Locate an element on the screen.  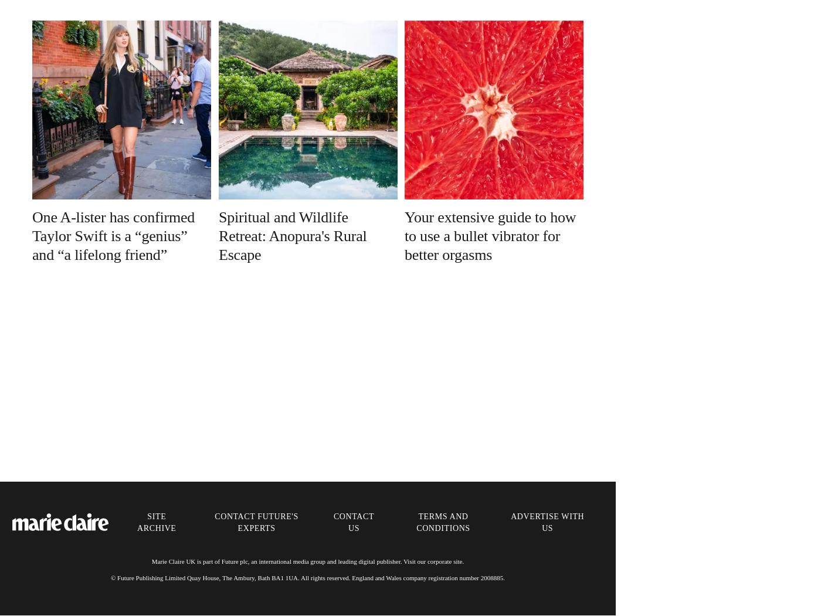
'One A-lister has confirmed Taylor Swift is a “genius” and “a lifelong friend”' is located at coordinates (113, 235).